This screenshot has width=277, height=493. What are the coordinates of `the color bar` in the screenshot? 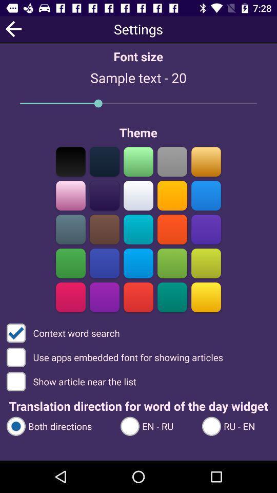 It's located at (138, 195).